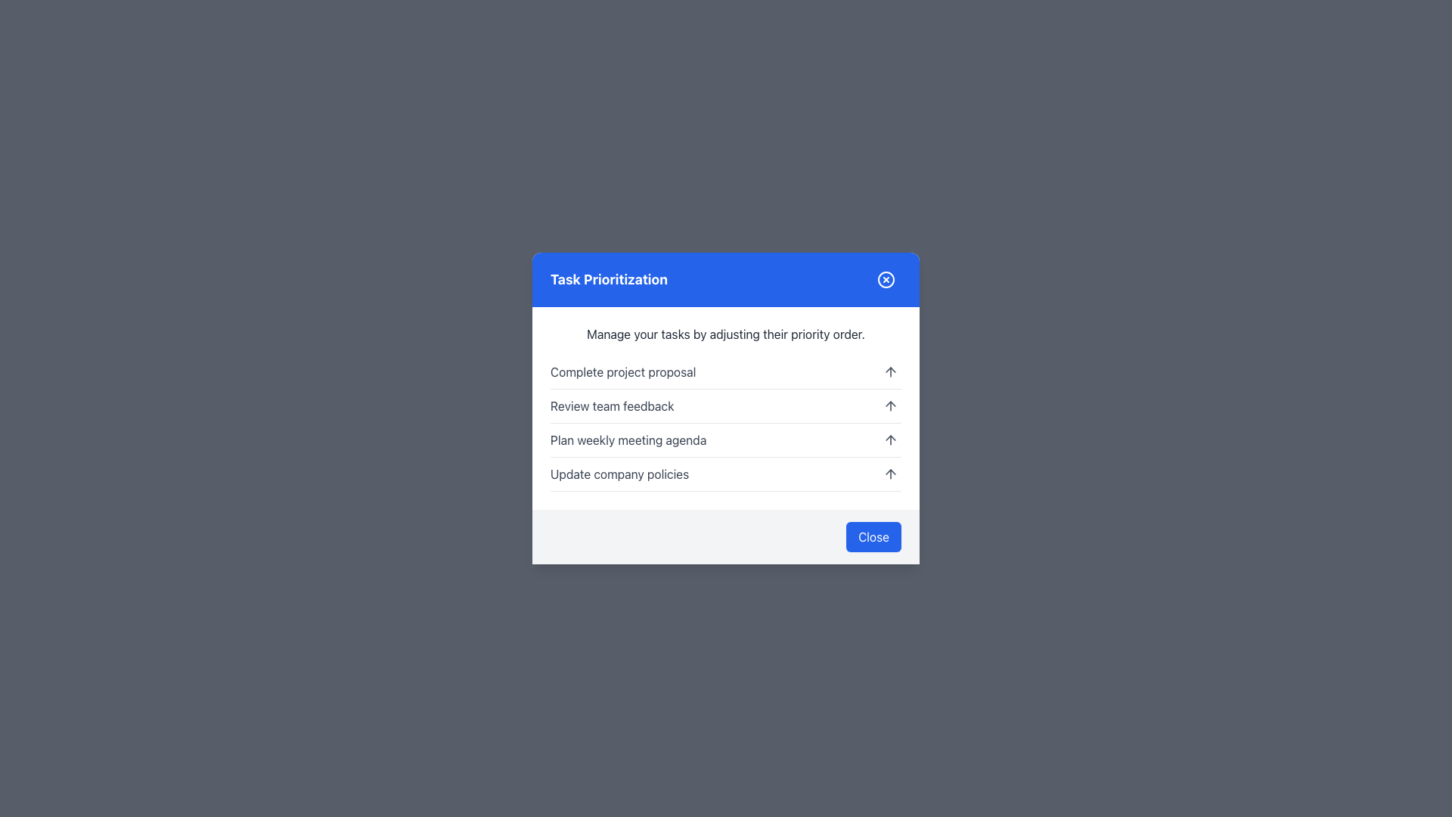  I want to click on the 'Close' button with a blue background and white text located at the bottom-right corner of the dialog box, so click(873, 536).